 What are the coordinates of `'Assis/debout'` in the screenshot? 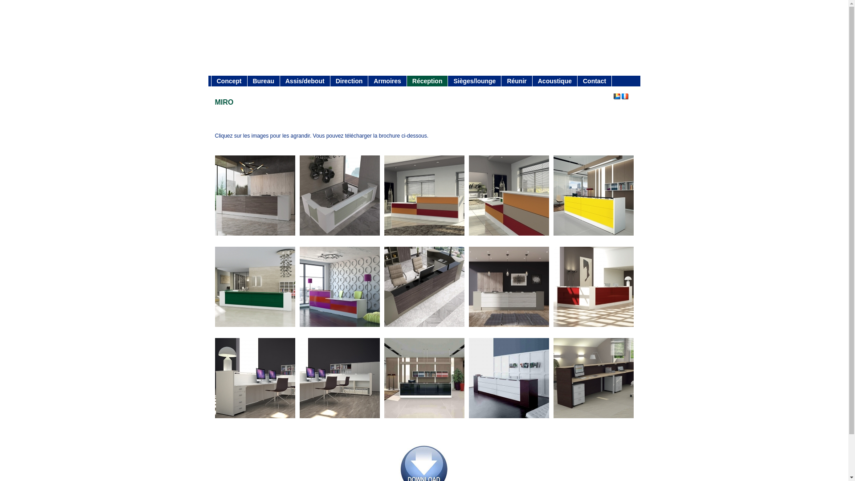 It's located at (305, 81).